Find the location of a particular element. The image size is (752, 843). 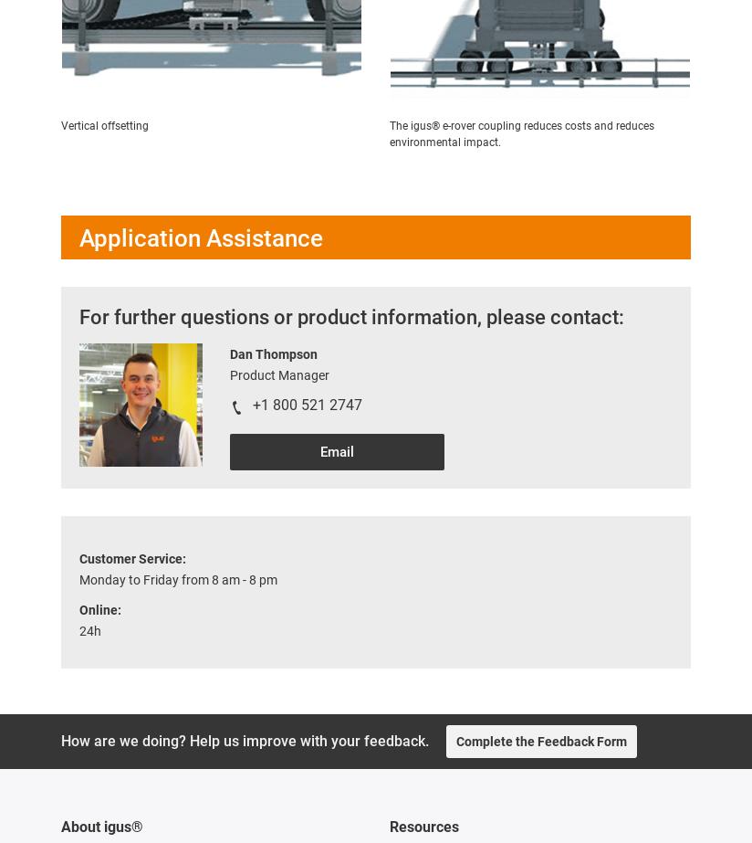

'For further questions or product information, please contact:' is located at coordinates (78, 317).